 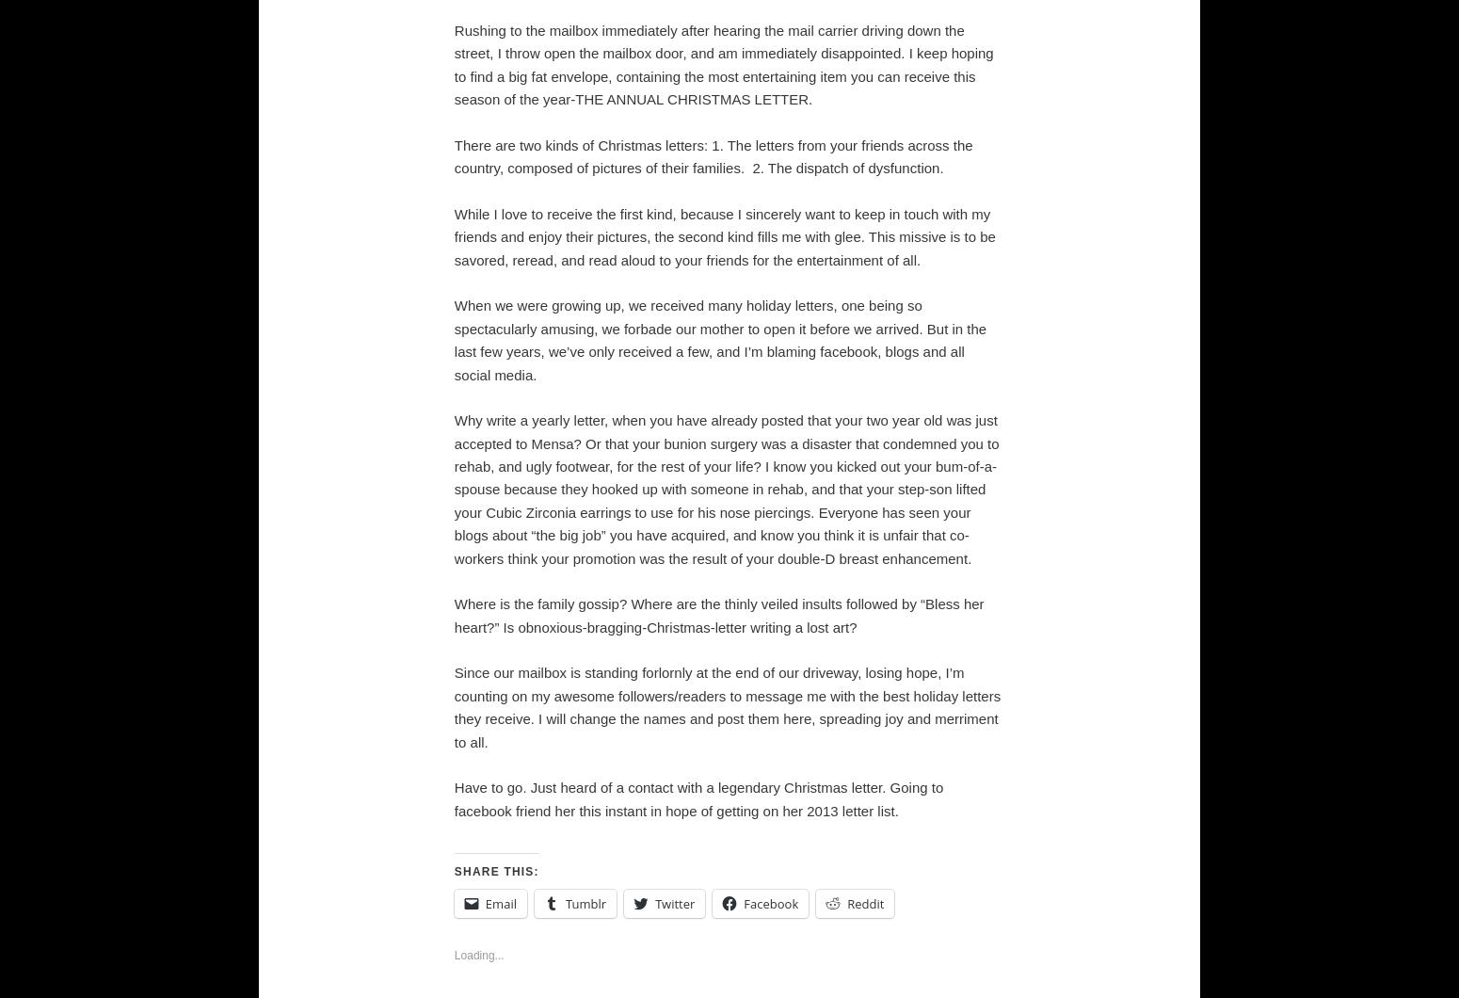 What do you see at coordinates (865, 903) in the screenshot?
I see `'Reddit'` at bounding box center [865, 903].